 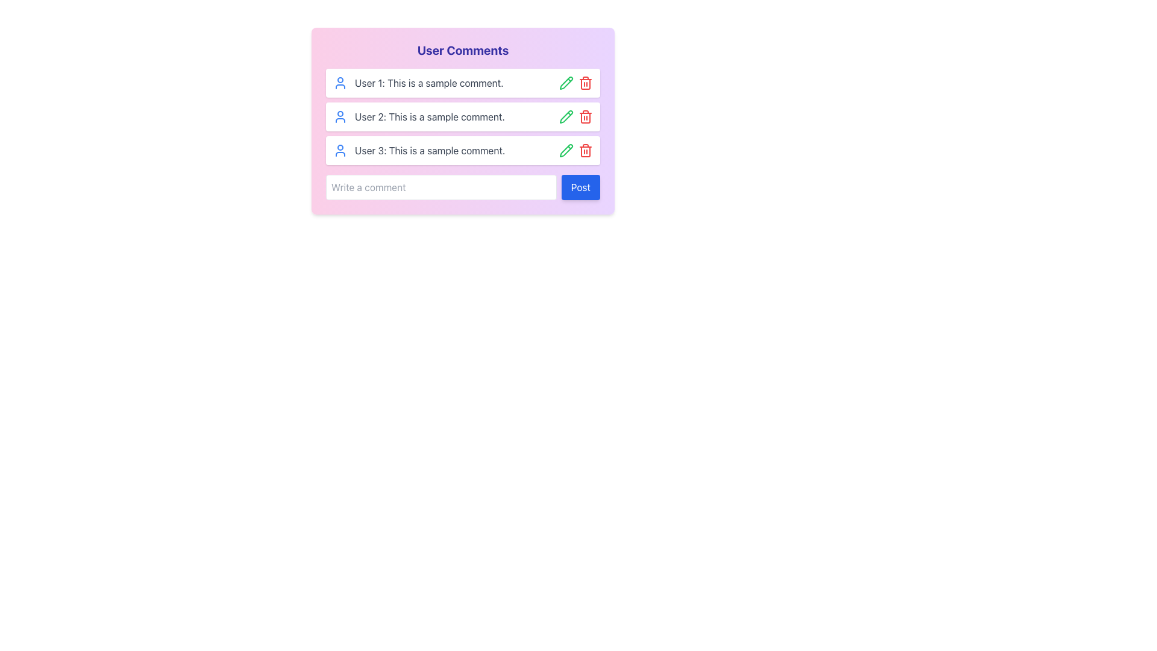 I want to click on the delete button located in the second row of the 'User Comments' list, which is on the right side of the row adjacent to the light green edit icon, so click(x=585, y=116).